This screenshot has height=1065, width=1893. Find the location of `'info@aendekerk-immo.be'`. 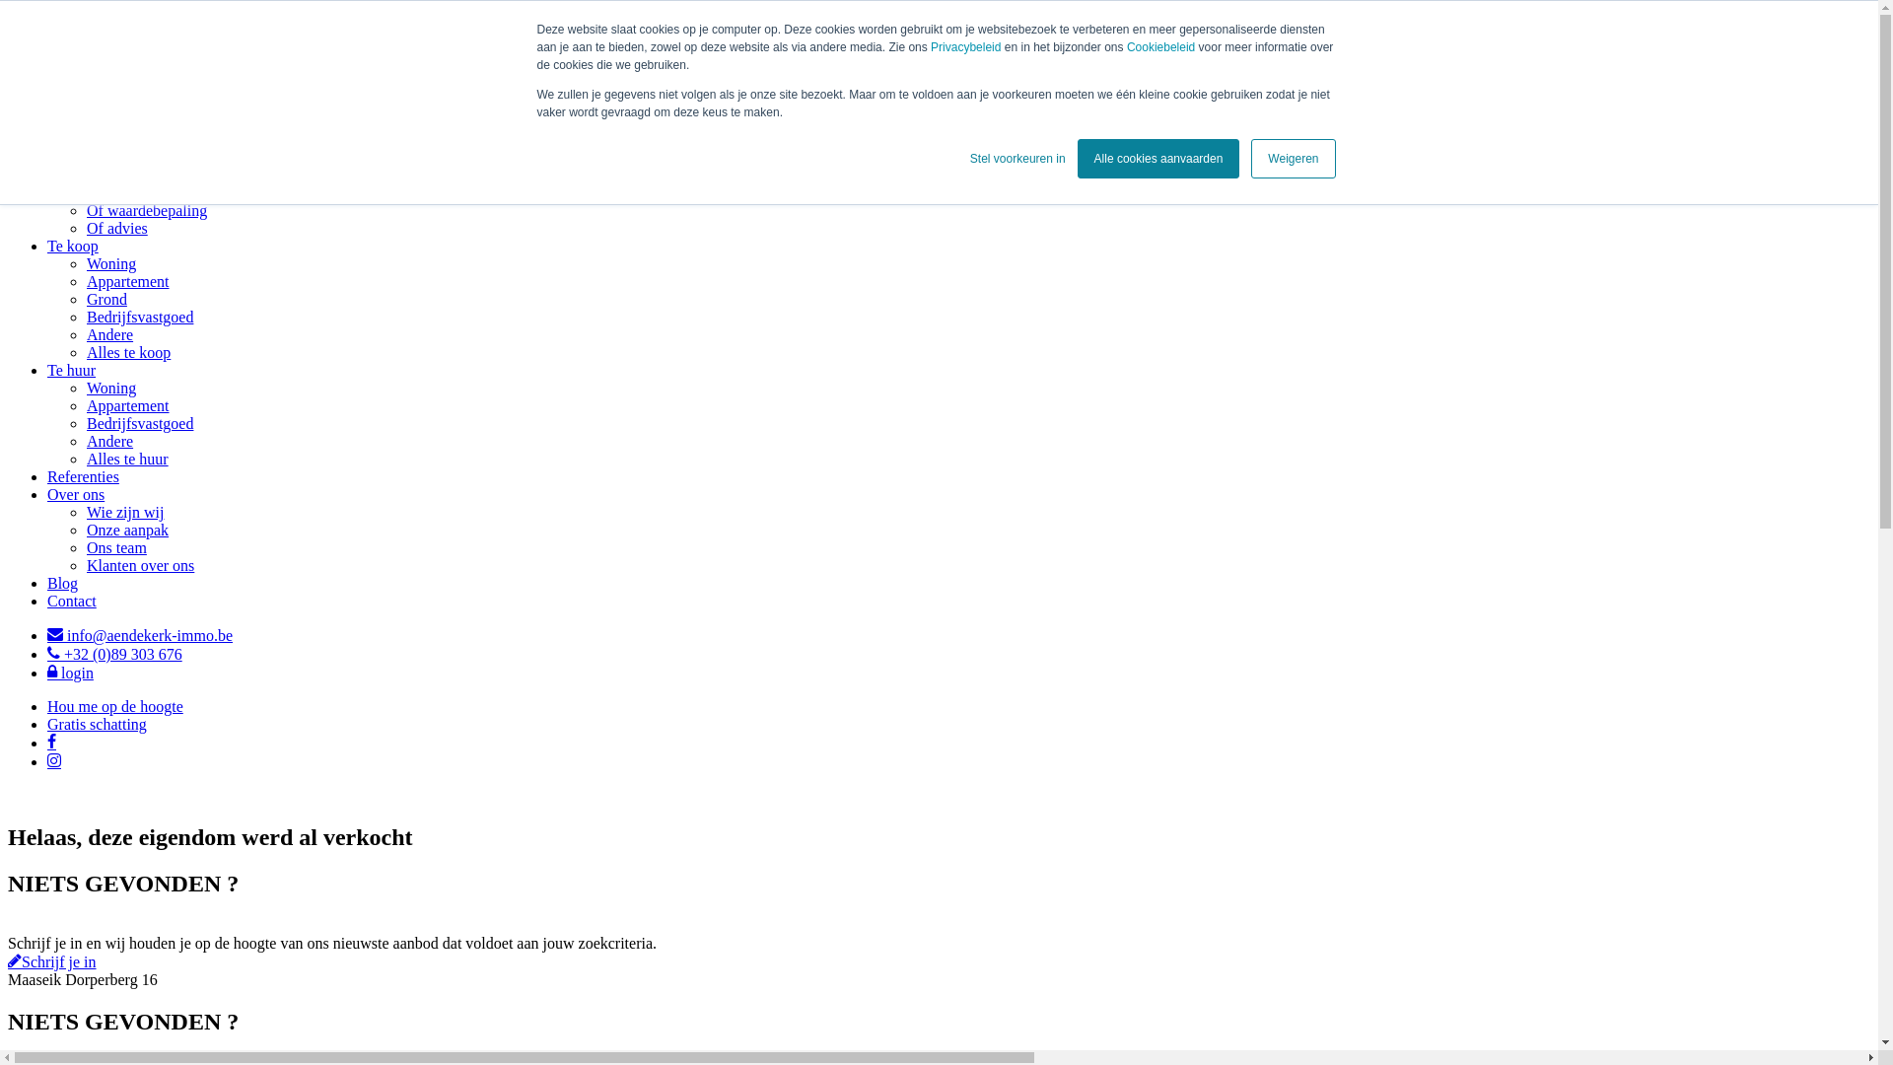

'info@aendekerk-immo.be' is located at coordinates (139, 635).